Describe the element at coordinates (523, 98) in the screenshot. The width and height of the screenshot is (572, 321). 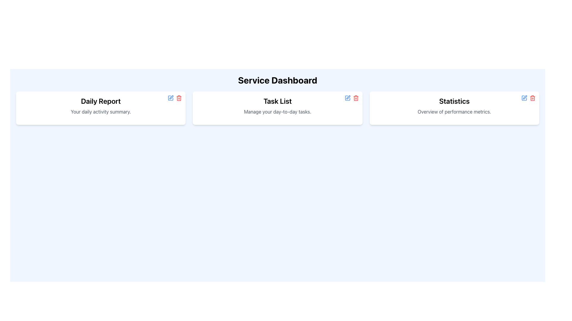
I see `the small blue edit icon shaped like a pen located at the top-right corner of the card labeled 'Statistics' to initiate the edit function` at that location.